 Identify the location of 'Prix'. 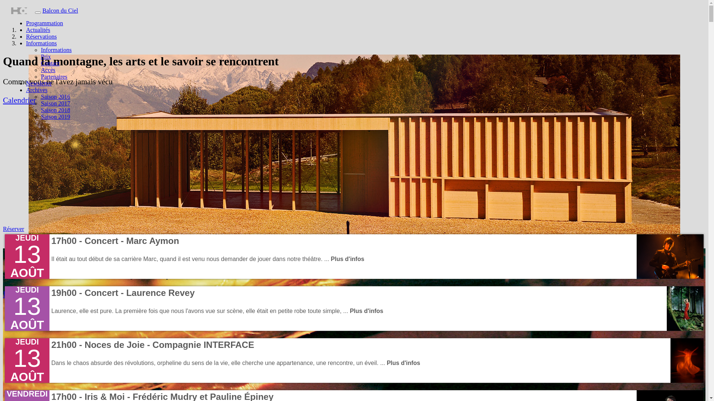
(45, 56).